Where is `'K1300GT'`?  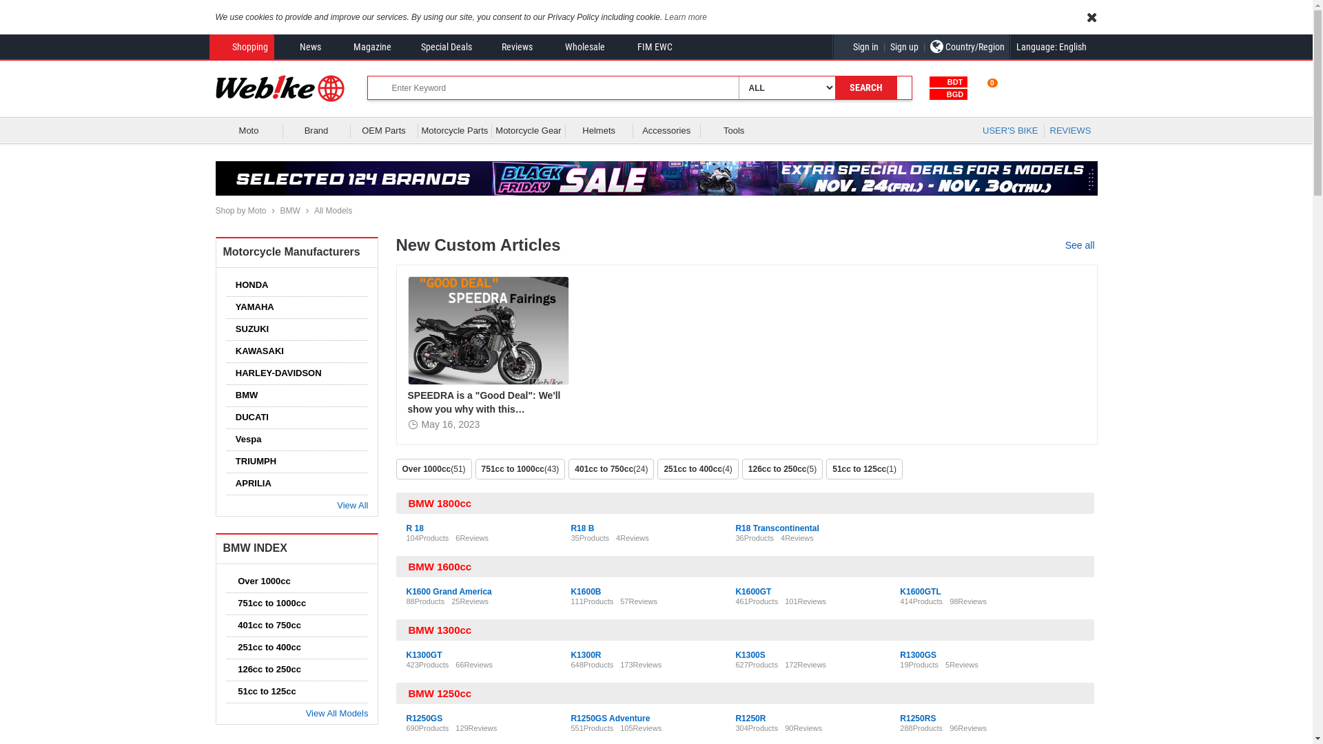
'K1300GT' is located at coordinates (406, 654).